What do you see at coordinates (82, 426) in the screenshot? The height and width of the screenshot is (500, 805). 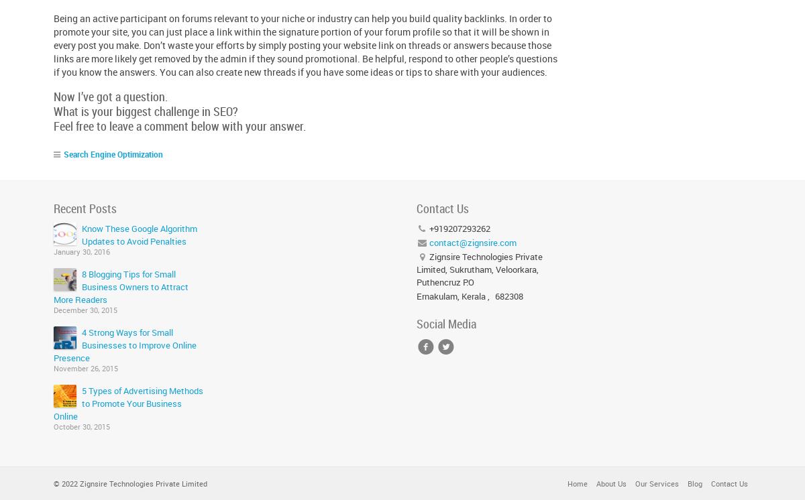 I see `'October 30, 2015'` at bounding box center [82, 426].